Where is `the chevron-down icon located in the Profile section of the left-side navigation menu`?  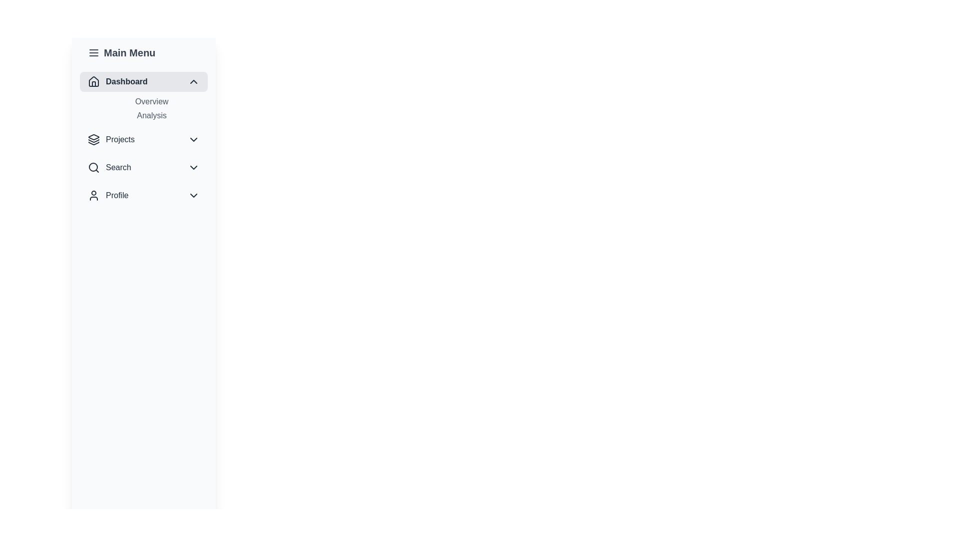
the chevron-down icon located in the Profile section of the left-side navigation menu is located at coordinates (194, 196).